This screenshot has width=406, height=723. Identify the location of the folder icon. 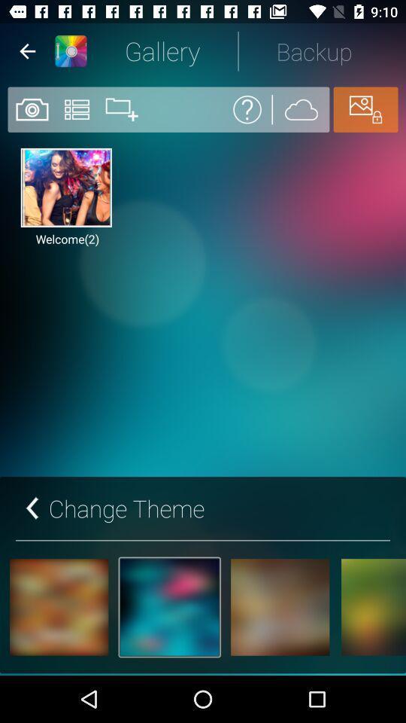
(121, 108).